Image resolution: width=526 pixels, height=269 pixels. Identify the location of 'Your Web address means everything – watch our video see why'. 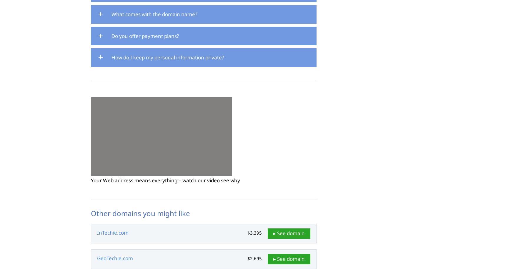
(165, 180).